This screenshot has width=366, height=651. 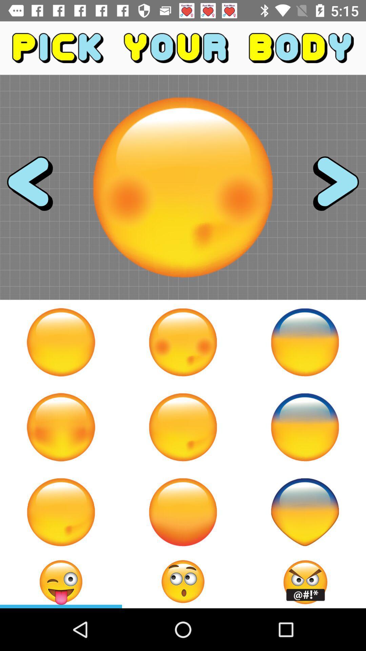 What do you see at coordinates (183, 512) in the screenshot?
I see `8th body` at bounding box center [183, 512].